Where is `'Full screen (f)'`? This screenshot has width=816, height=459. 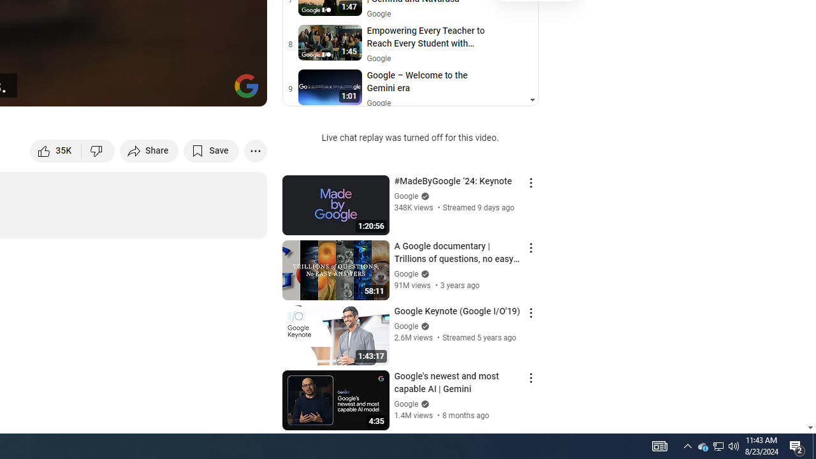 'Full screen (f)' is located at coordinates (244, 90).